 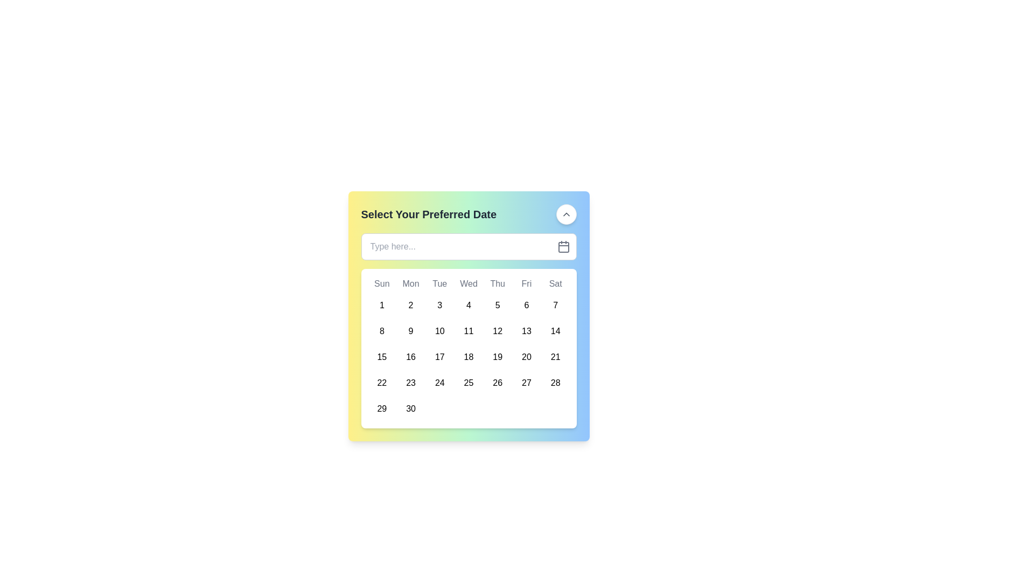 What do you see at coordinates (439, 283) in the screenshot?
I see `the text label representing 'Tuesday' in the weekly calendar header, located in the third column of the grid layout` at bounding box center [439, 283].